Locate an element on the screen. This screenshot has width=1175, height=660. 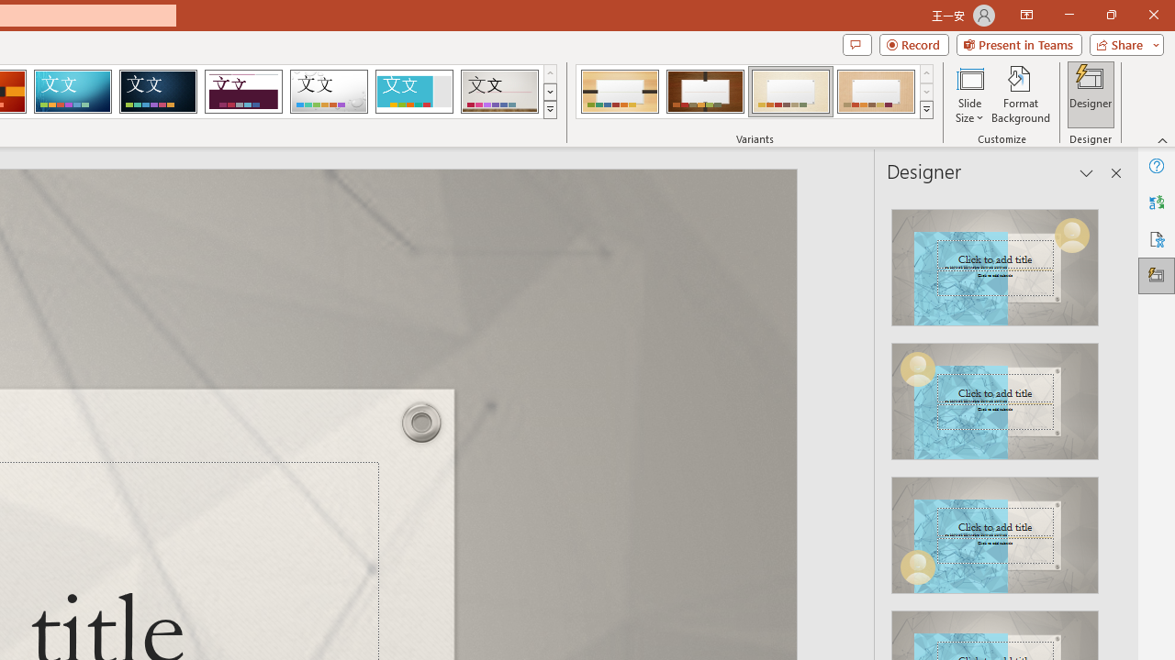
'Class: NetUIImage' is located at coordinates (926, 109).